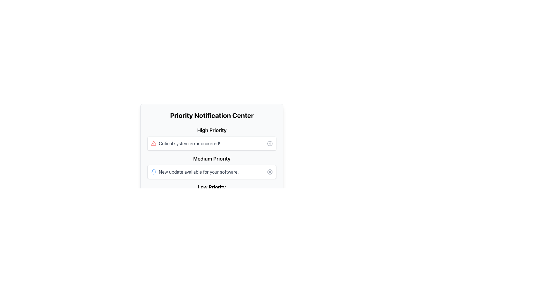  I want to click on the circular element that serves as the foundational part of the 'close' icon in the SVG, positioned in the 'High Priority' section of the notification panel, so click(270, 143).